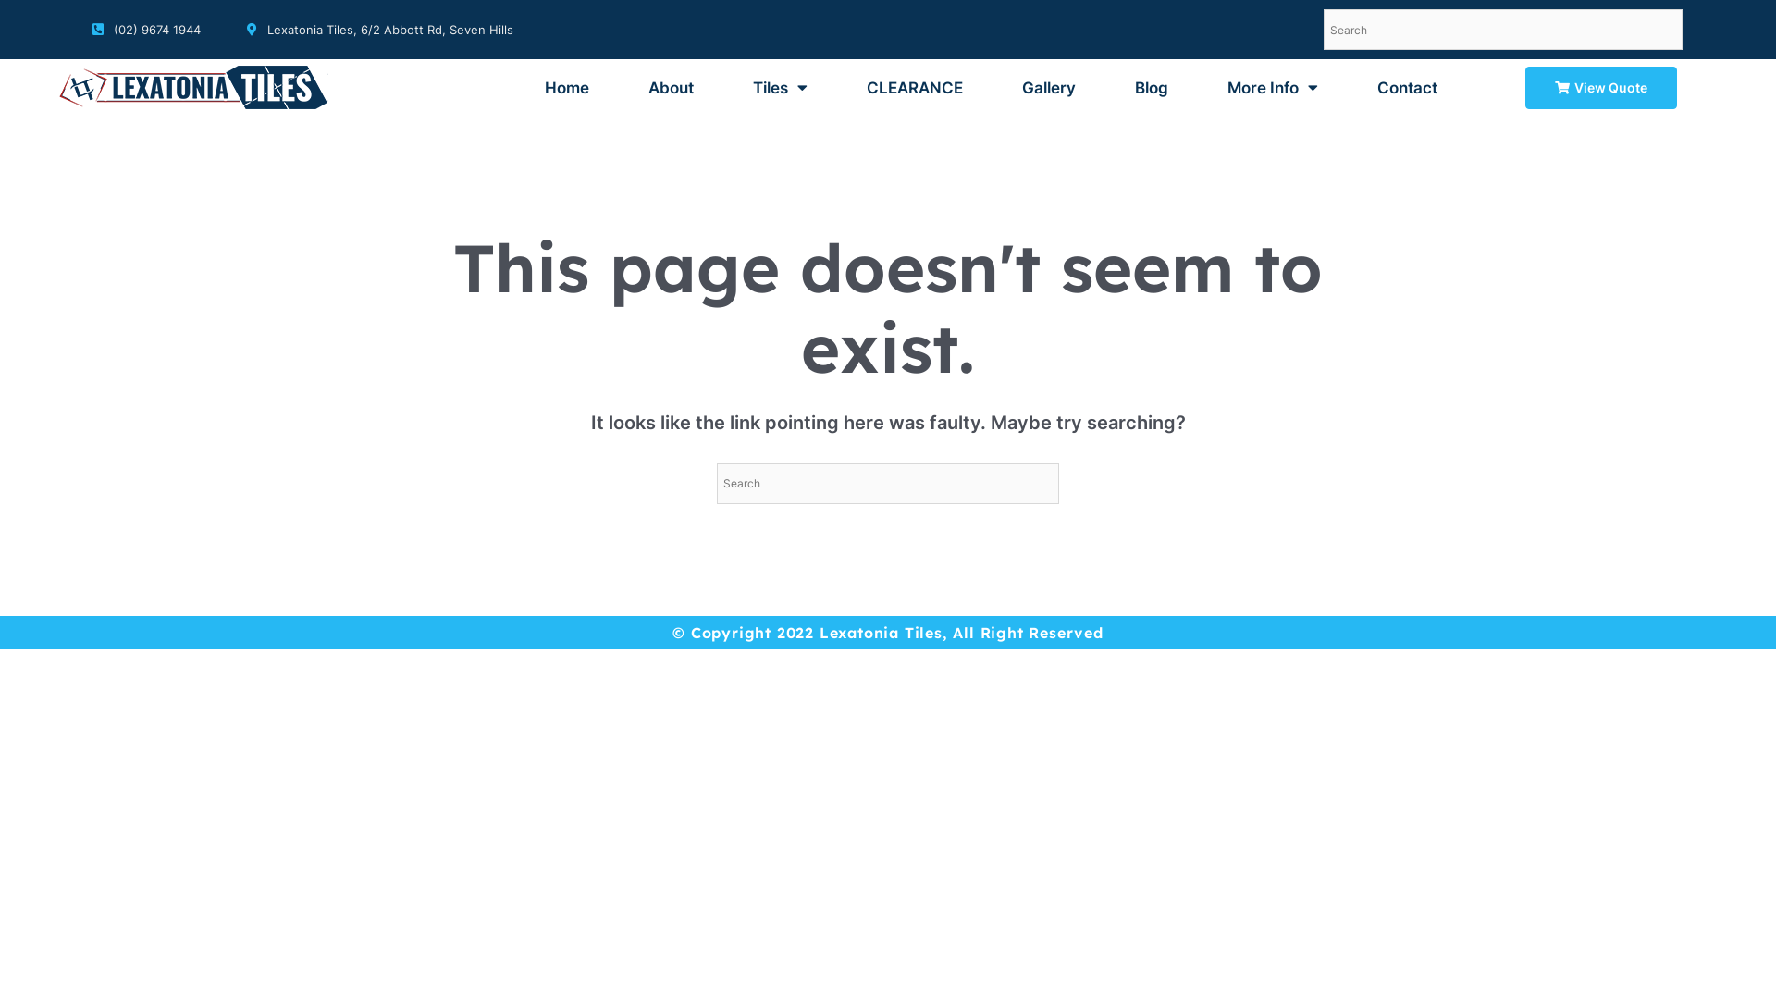 The image size is (1776, 999). What do you see at coordinates (1150, 88) in the screenshot?
I see `'Blog'` at bounding box center [1150, 88].